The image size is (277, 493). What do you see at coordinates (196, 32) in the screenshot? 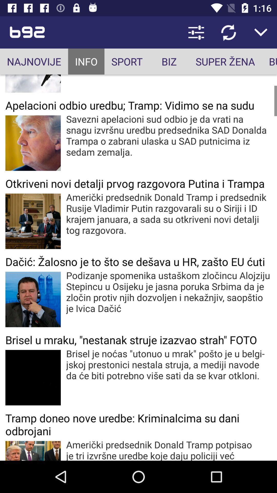
I see `the sliders icon` at bounding box center [196, 32].